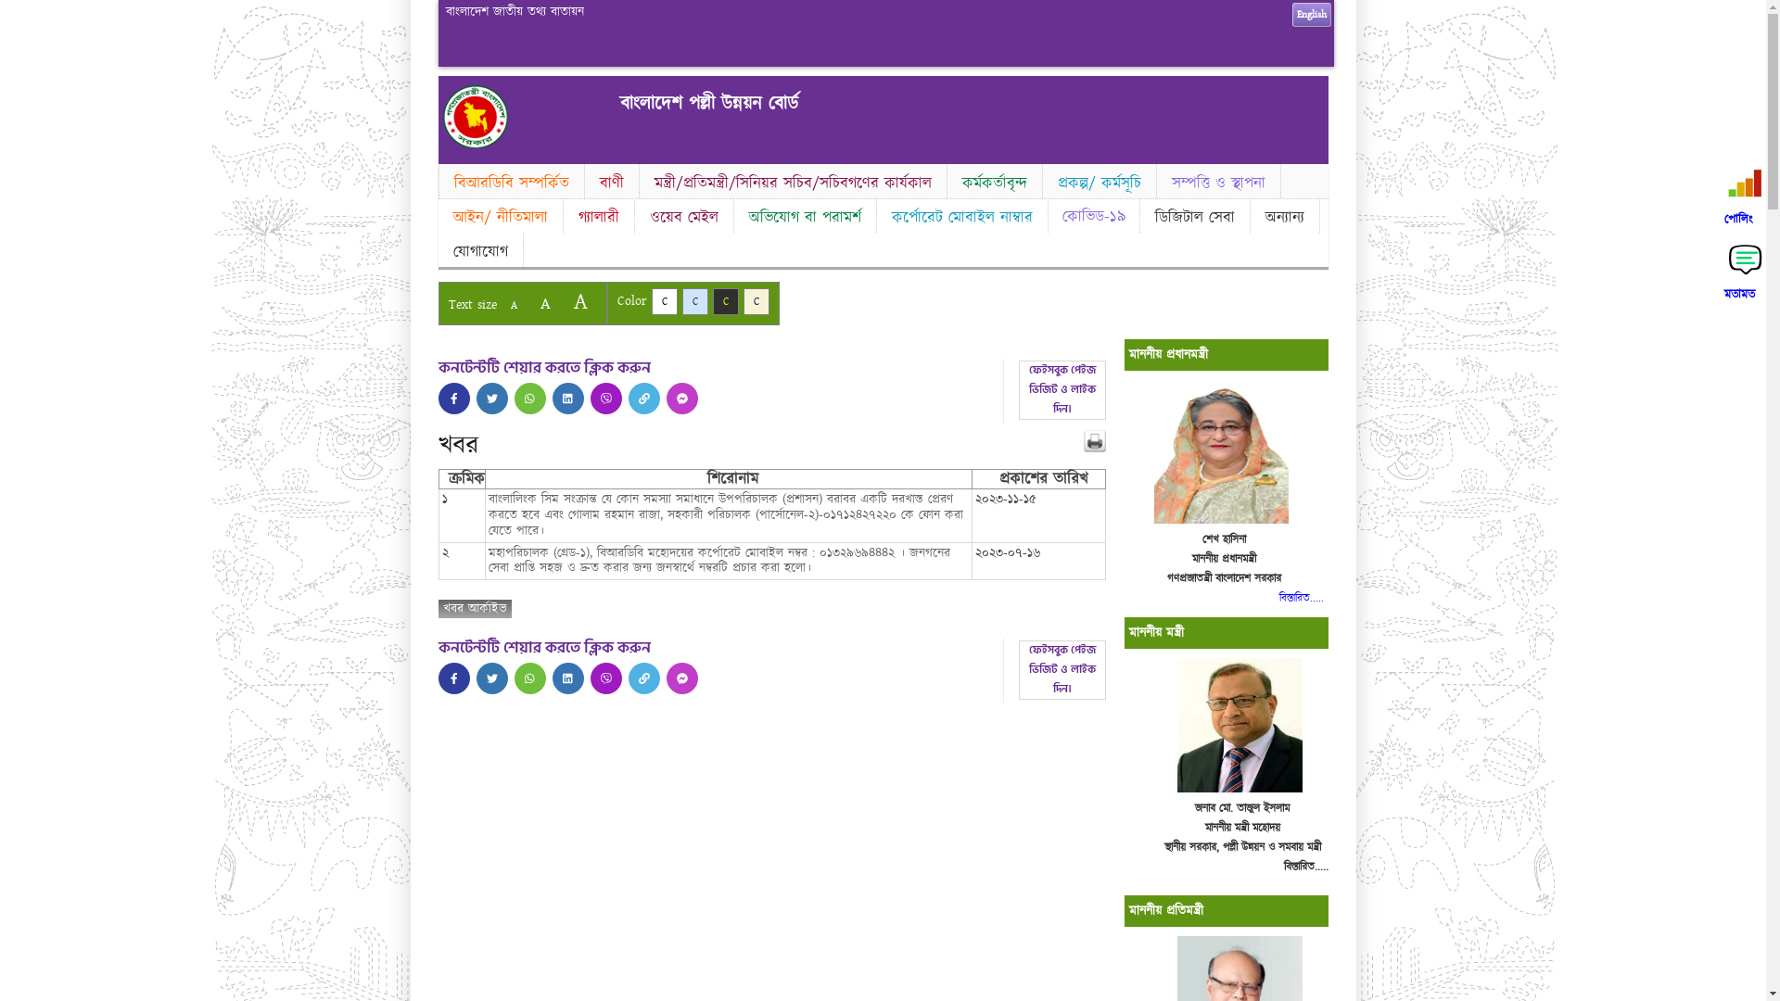 The height and width of the screenshot is (1001, 1780). Describe the element at coordinates (756, 300) in the screenshot. I see `'C'` at that location.